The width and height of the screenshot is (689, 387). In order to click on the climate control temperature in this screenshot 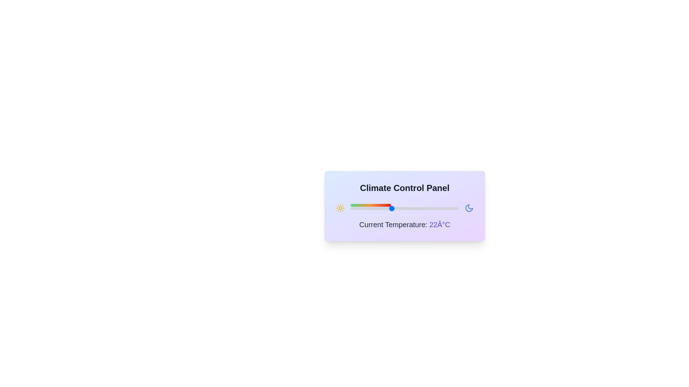, I will do `click(438, 209)`.